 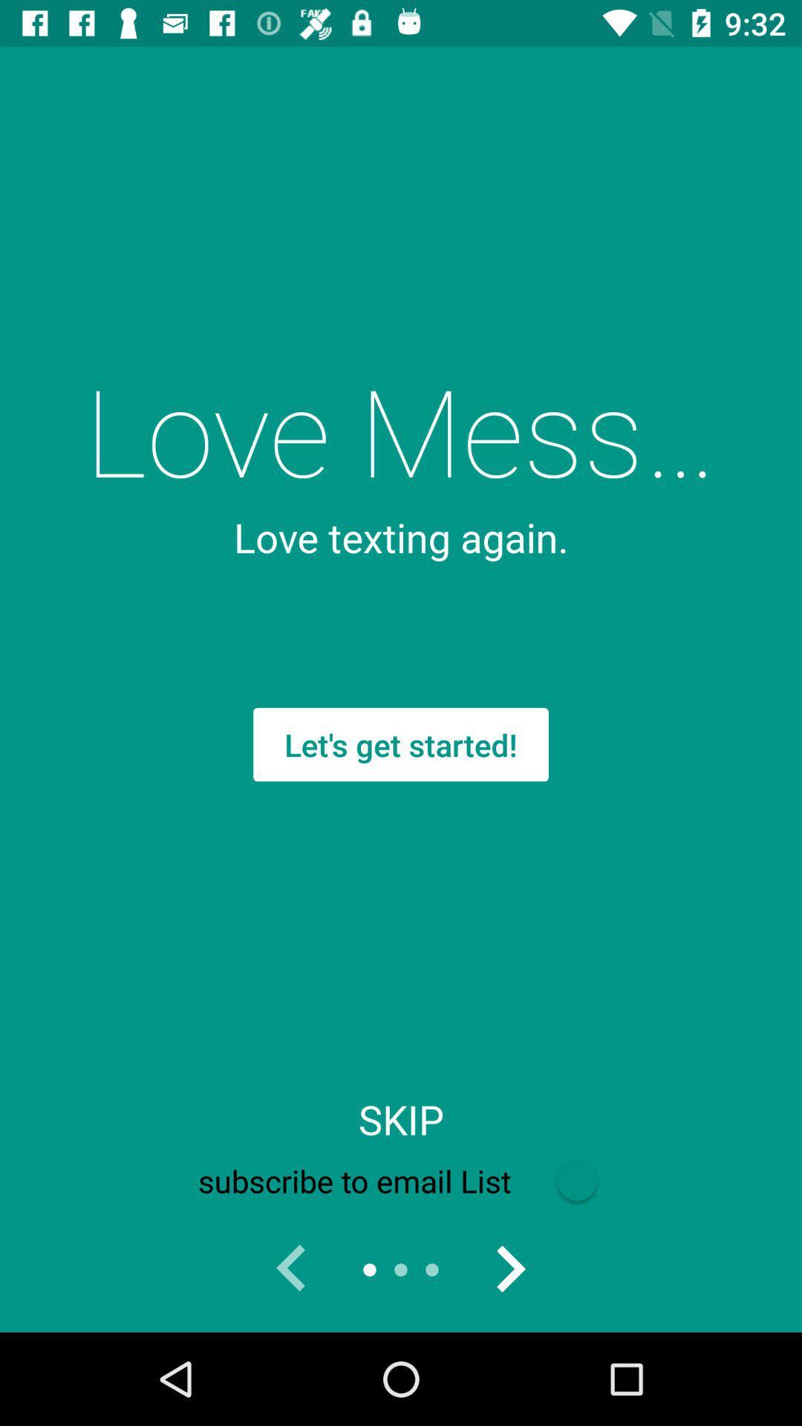 What do you see at coordinates (401, 744) in the screenshot?
I see `icon above the skip icon` at bounding box center [401, 744].